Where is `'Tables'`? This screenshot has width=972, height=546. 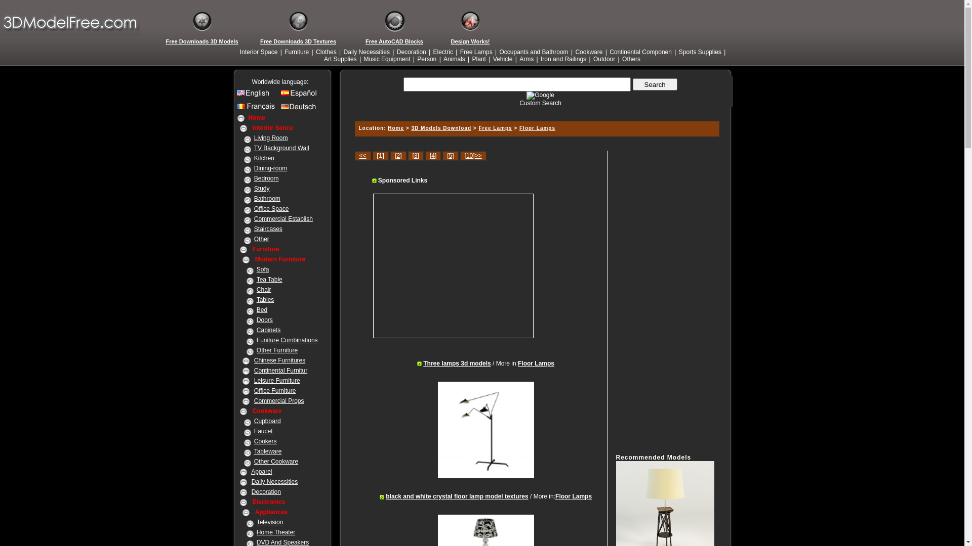 'Tables' is located at coordinates (265, 299).